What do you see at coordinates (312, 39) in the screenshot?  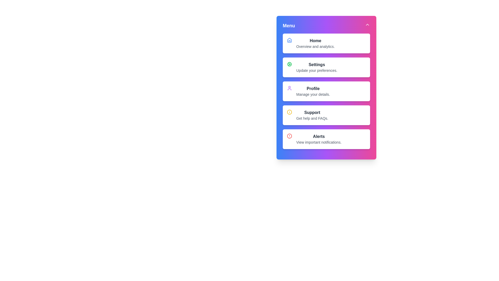 I see `the menu option Home` at bounding box center [312, 39].